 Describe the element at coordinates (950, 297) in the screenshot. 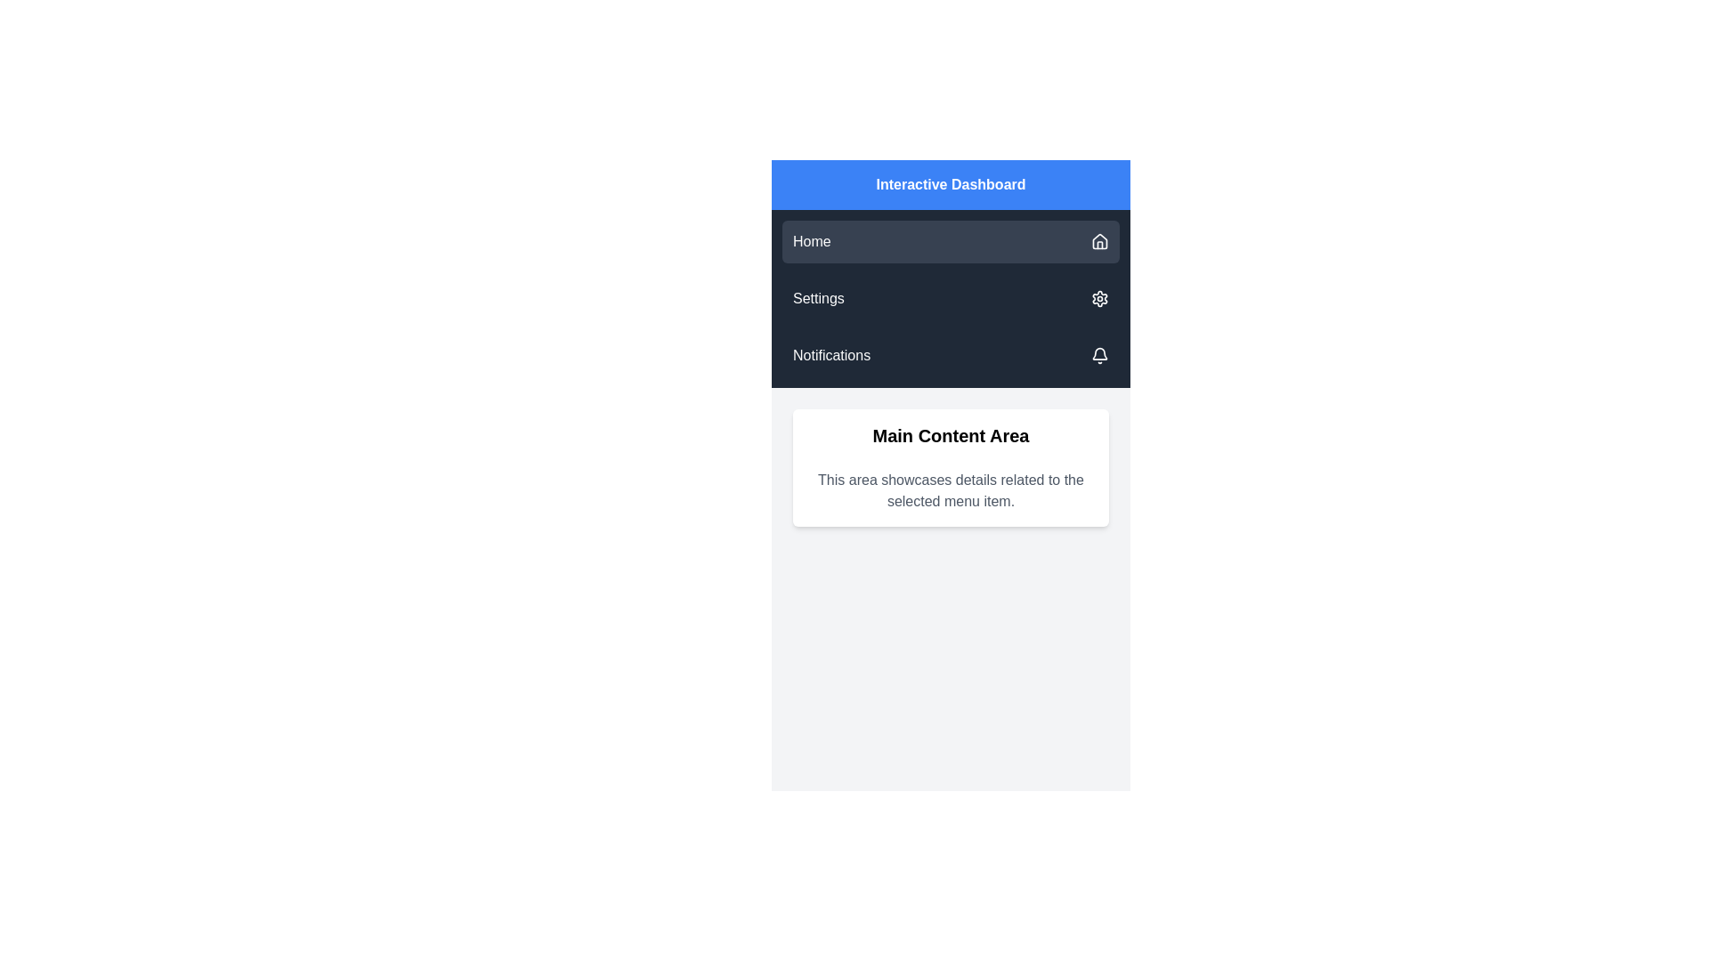

I see `the 'Settings' button in the Navigation menu, which is located below the 'Interactive Dashboard' bar` at that location.